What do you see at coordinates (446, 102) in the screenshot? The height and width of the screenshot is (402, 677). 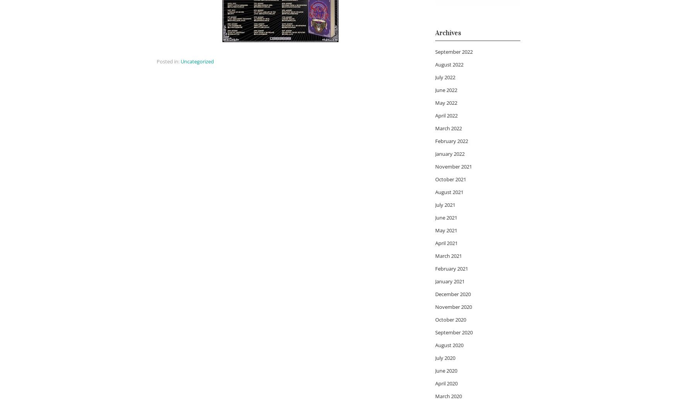 I see `'May 2022'` at bounding box center [446, 102].